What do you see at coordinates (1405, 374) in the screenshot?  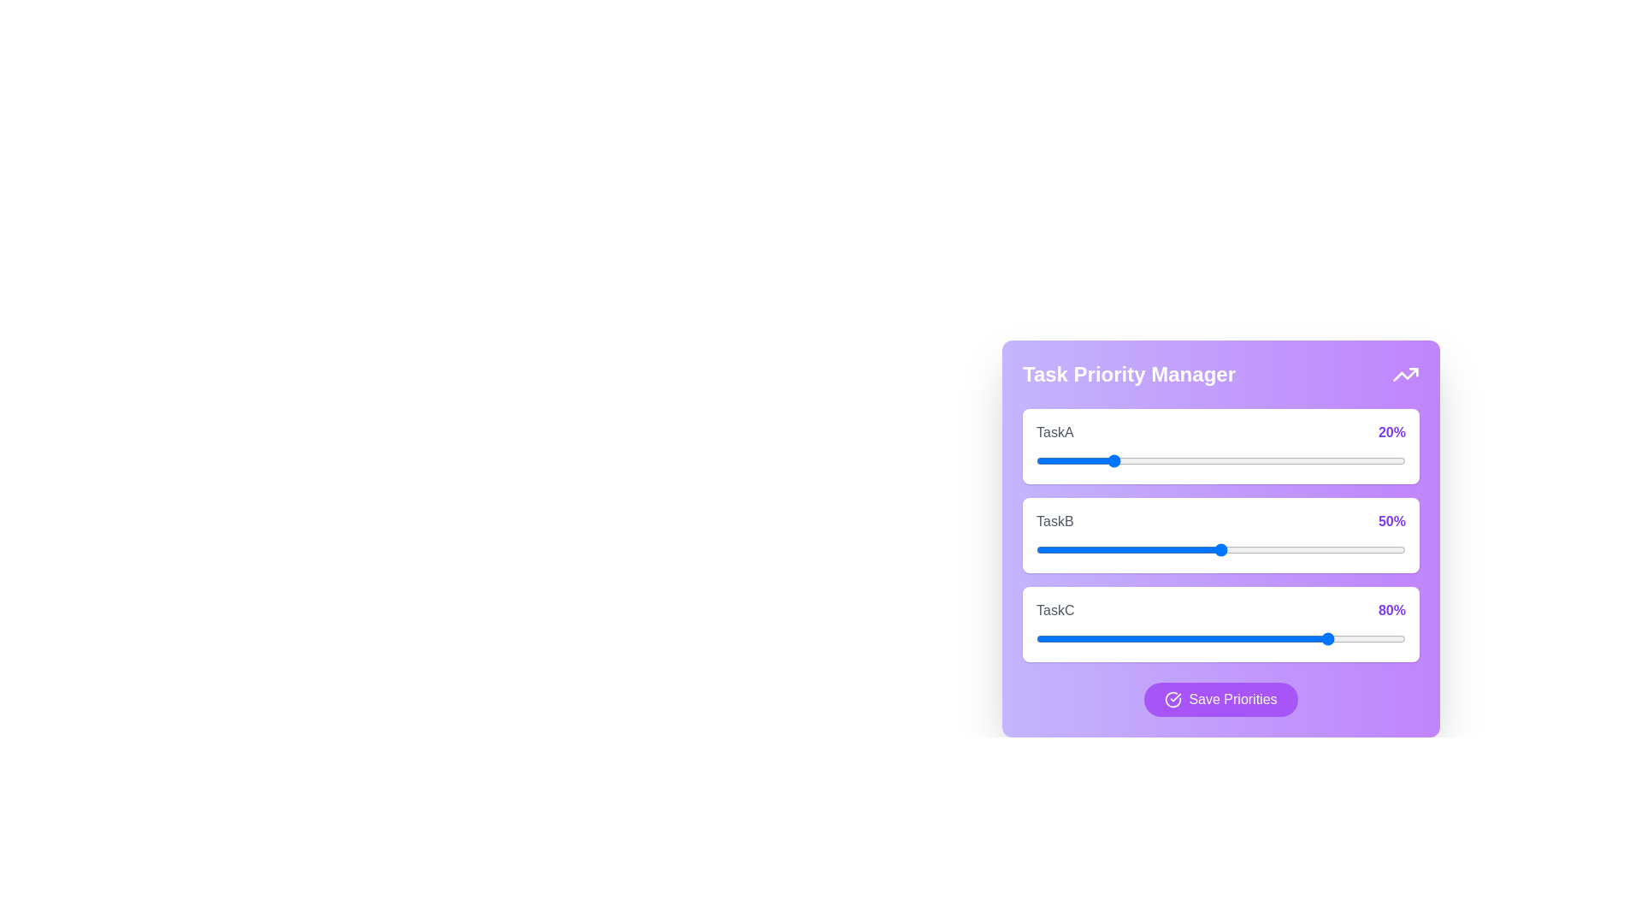 I see `the 'TrendingUp' icon in the header to inspect its functionality` at bounding box center [1405, 374].